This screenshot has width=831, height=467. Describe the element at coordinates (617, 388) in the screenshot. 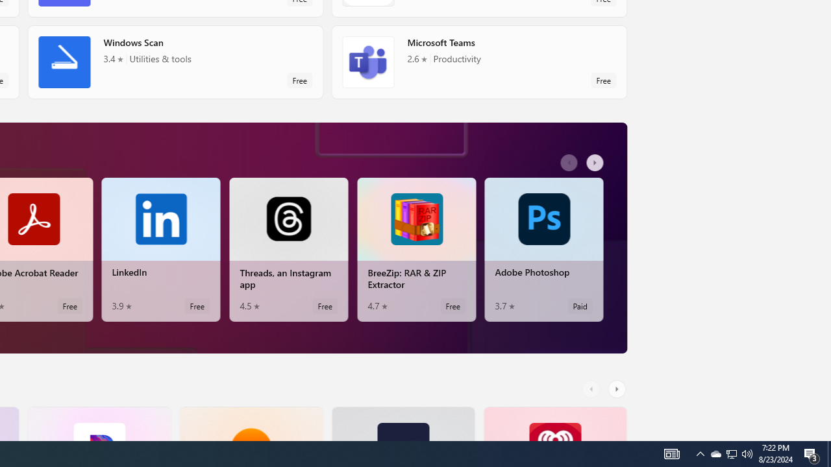

I see `'AutomationID: RightScrollButton'` at that location.